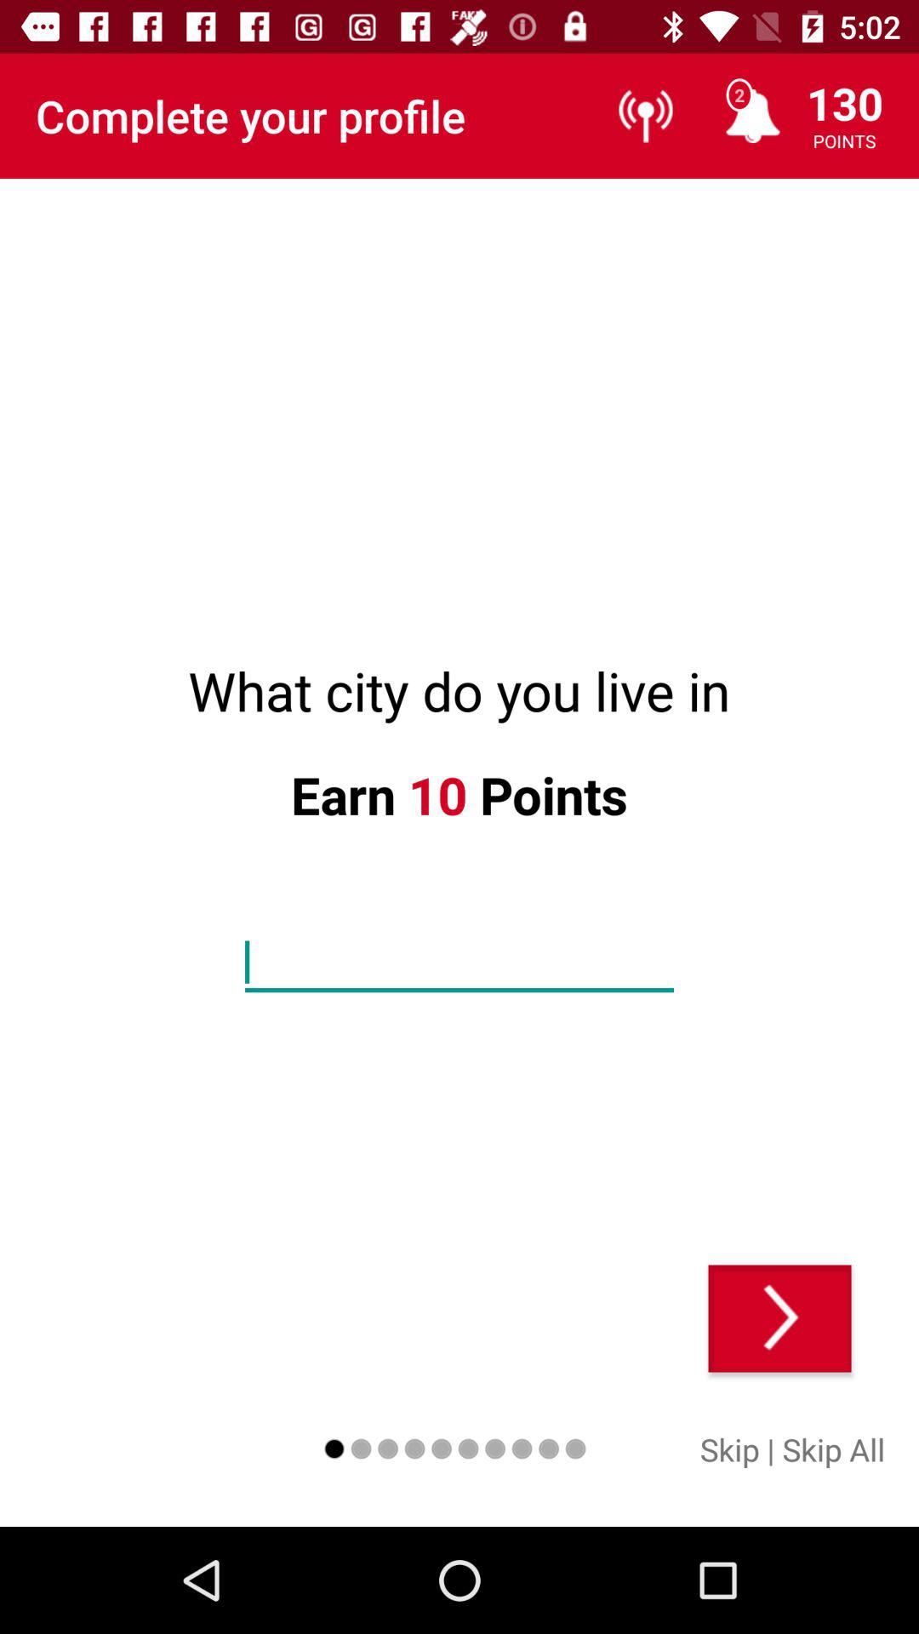 This screenshot has width=919, height=1634. Describe the element at coordinates (832, 1448) in the screenshot. I see `skip all item` at that location.